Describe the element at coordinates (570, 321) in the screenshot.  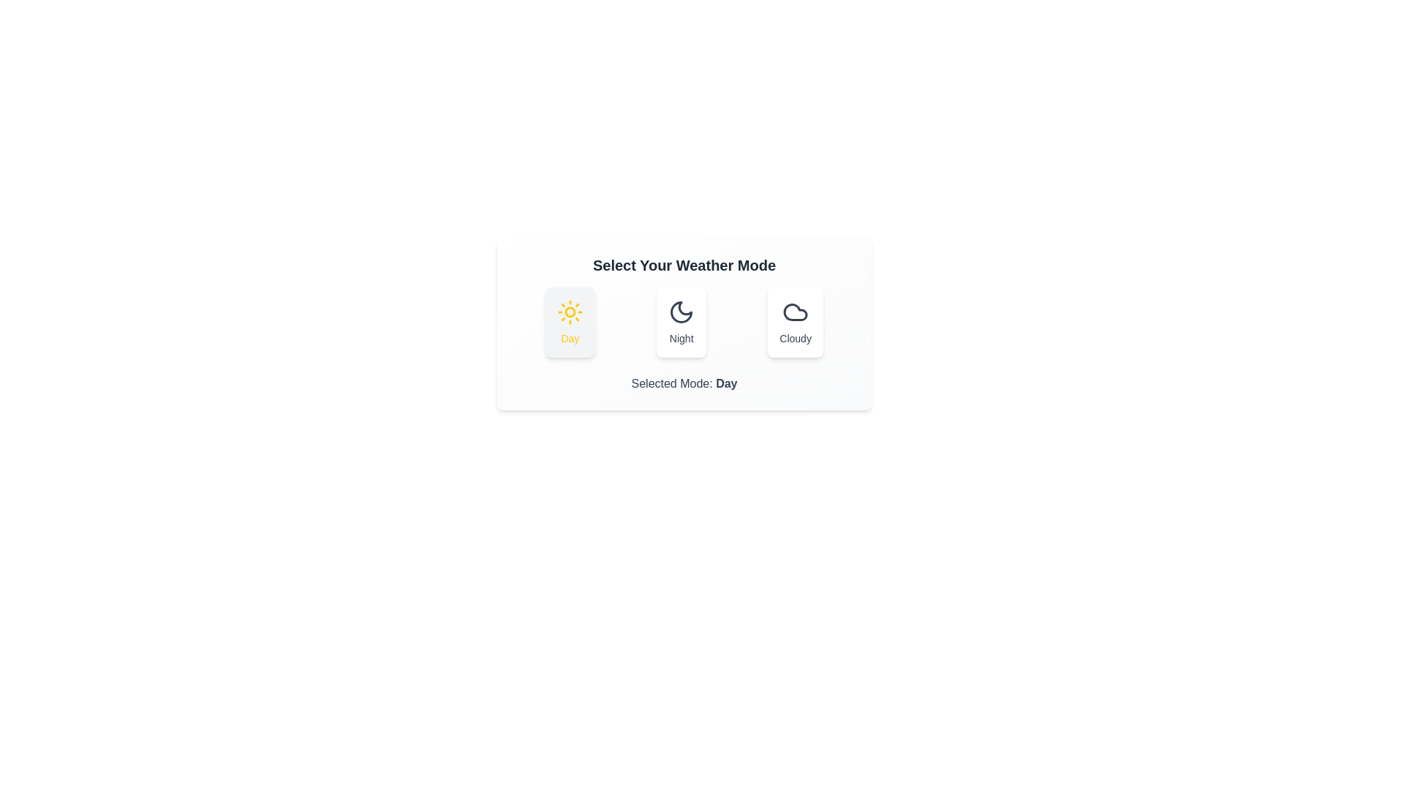
I see `the weather icon and its corresponding label for Day` at that location.